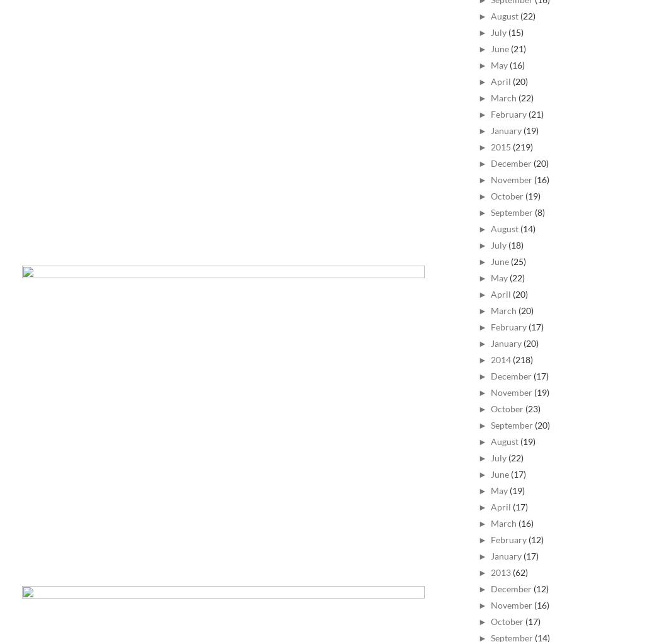 This screenshot has width=667, height=642. What do you see at coordinates (527, 228) in the screenshot?
I see `'(14)'` at bounding box center [527, 228].